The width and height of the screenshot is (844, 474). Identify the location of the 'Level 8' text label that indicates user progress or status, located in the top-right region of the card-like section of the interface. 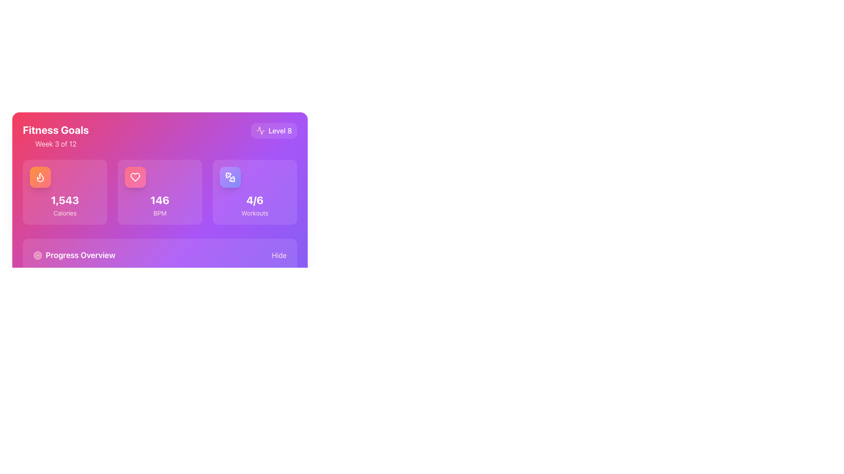
(280, 130).